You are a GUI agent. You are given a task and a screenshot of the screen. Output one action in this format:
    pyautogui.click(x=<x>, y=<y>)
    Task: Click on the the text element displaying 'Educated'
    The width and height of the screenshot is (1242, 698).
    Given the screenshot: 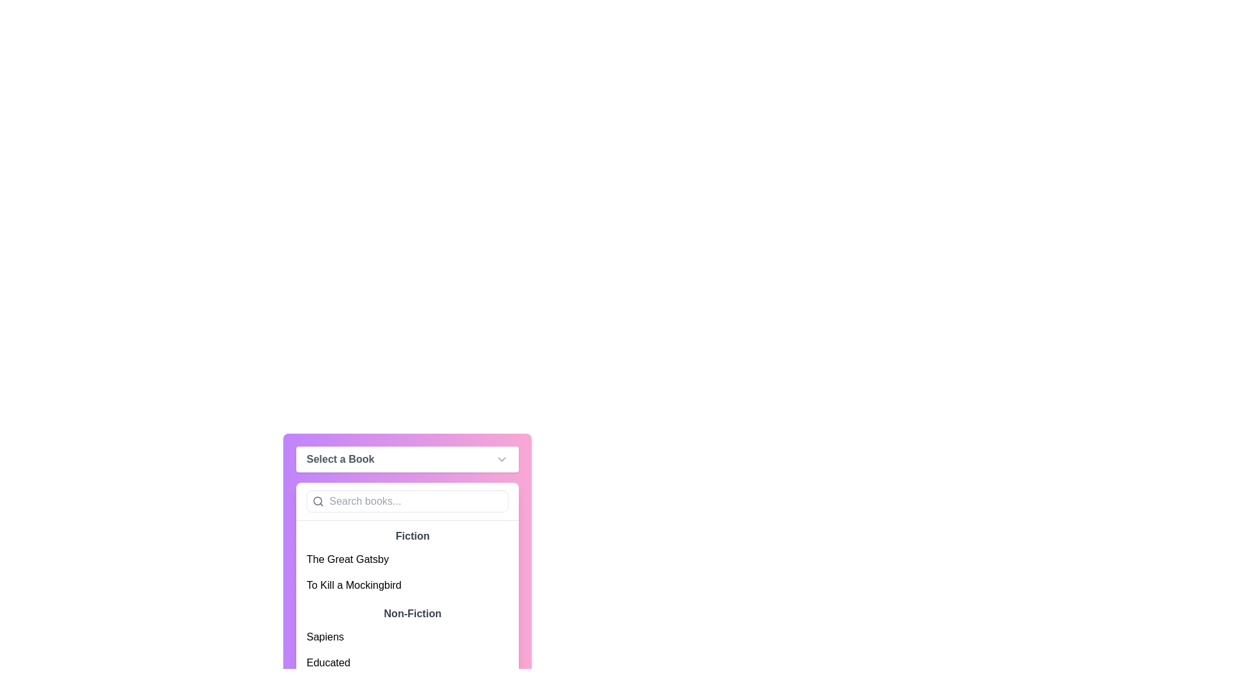 What is the action you would take?
    pyautogui.click(x=328, y=663)
    